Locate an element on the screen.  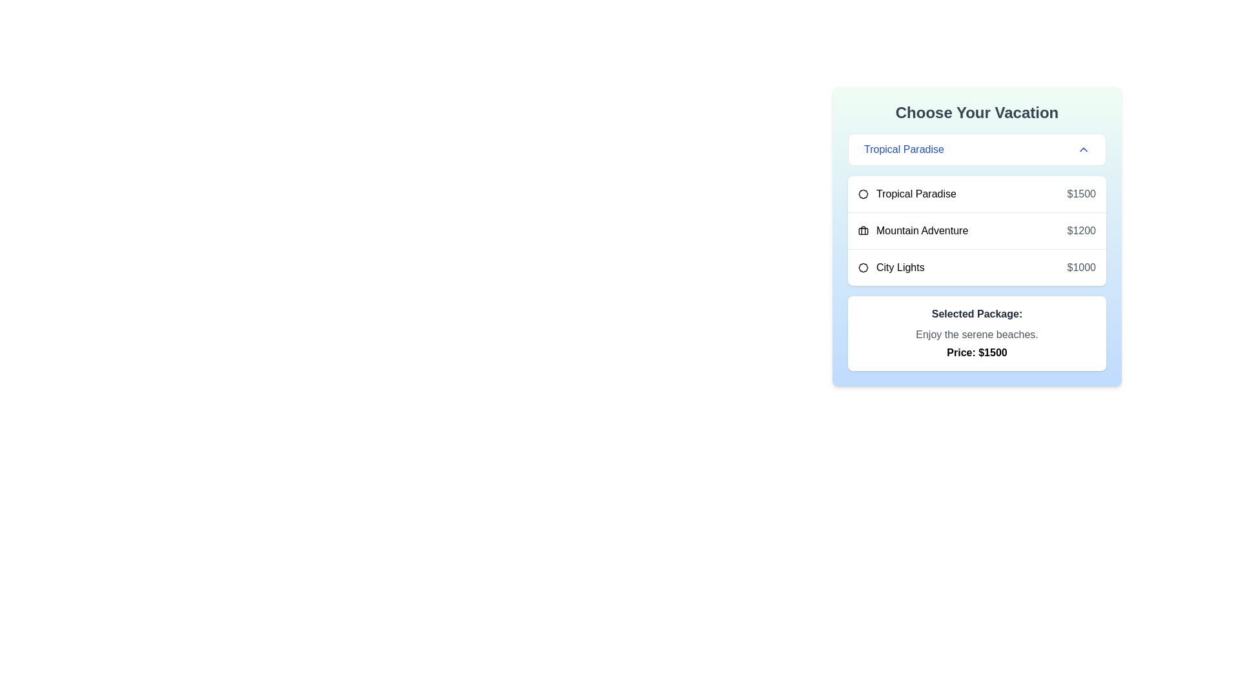
the 'City Lights' text label, which is the third option in the 'Choose Your Vacation' list is located at coordinates (891, 267).